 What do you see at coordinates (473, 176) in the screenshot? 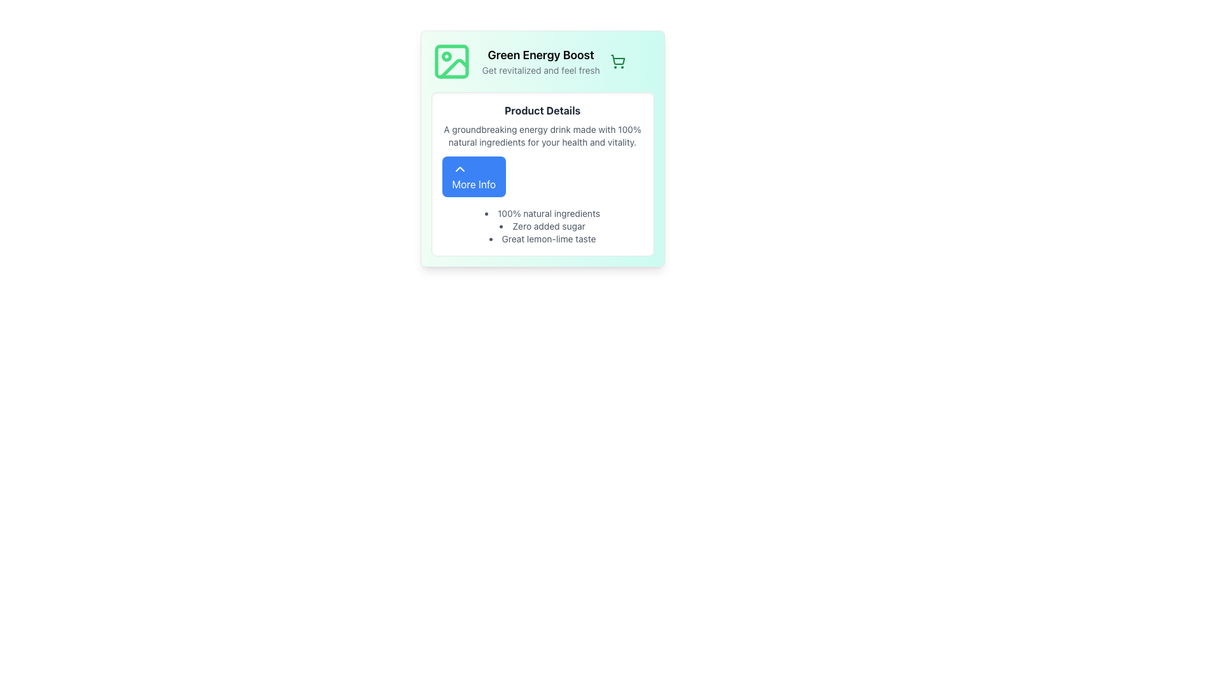
I see `the button located in the lower part of the card, centered horizontally and directly under the description text` at bounding box center [473, 176].